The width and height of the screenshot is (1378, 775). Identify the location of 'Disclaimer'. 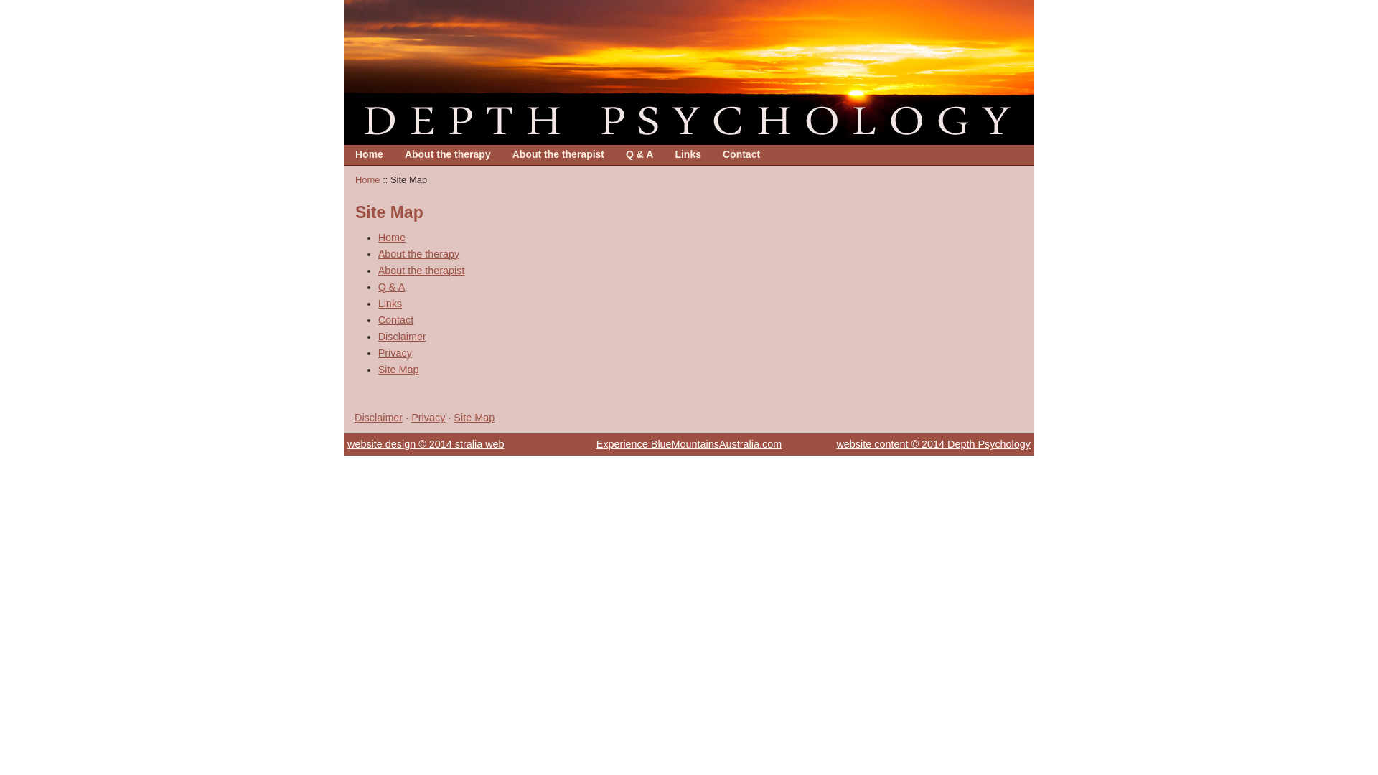
(378, 418).